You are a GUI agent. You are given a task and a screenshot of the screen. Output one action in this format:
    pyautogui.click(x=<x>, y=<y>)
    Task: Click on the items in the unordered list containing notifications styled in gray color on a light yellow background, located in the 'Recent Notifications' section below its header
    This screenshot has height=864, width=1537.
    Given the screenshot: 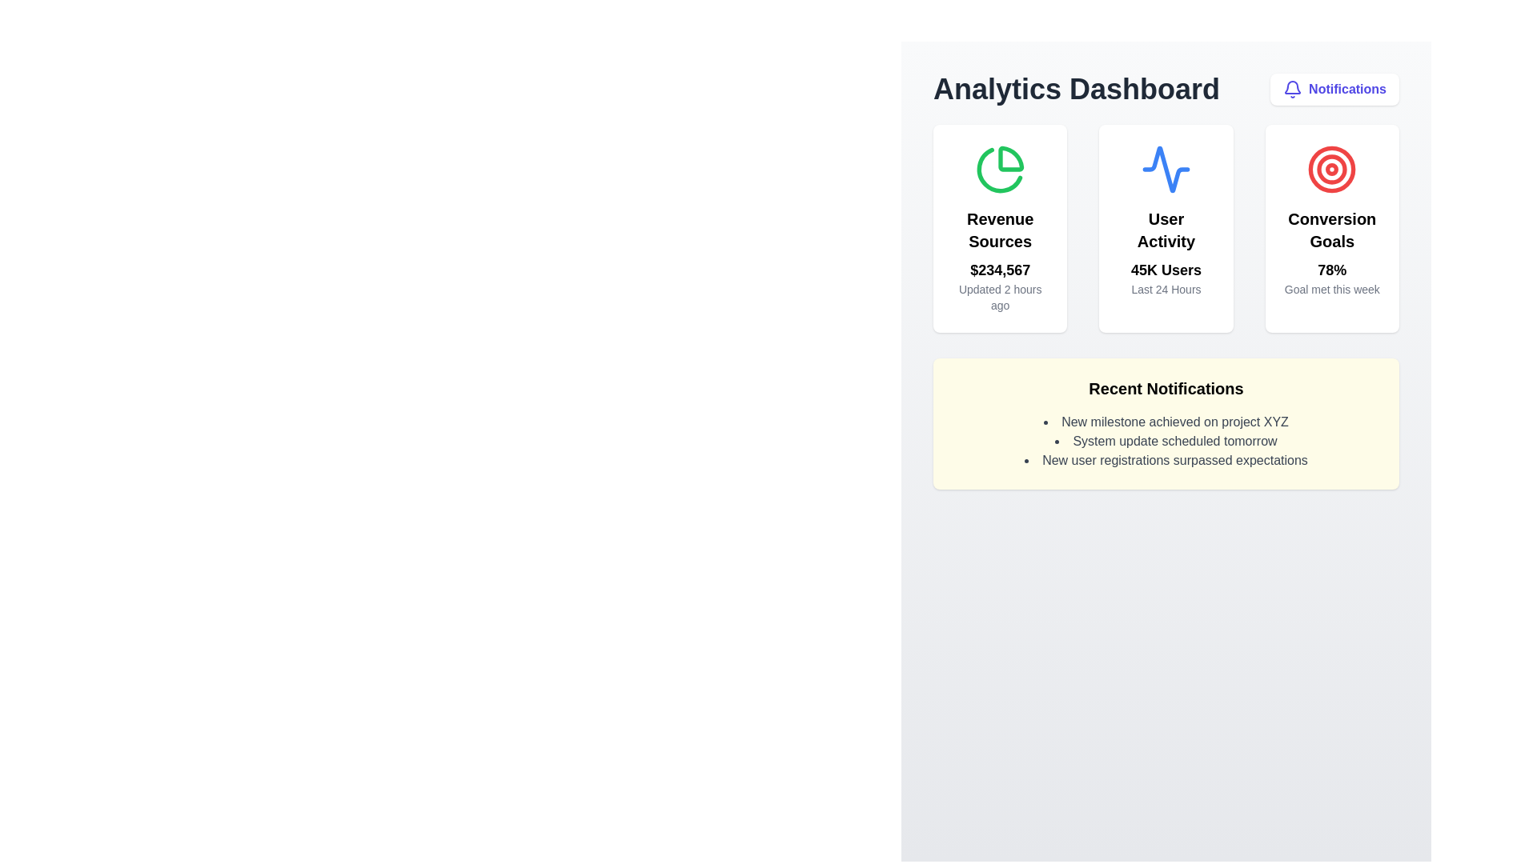 What is the action you would take?
    pyautogui.click(x=1166, y=441)
    